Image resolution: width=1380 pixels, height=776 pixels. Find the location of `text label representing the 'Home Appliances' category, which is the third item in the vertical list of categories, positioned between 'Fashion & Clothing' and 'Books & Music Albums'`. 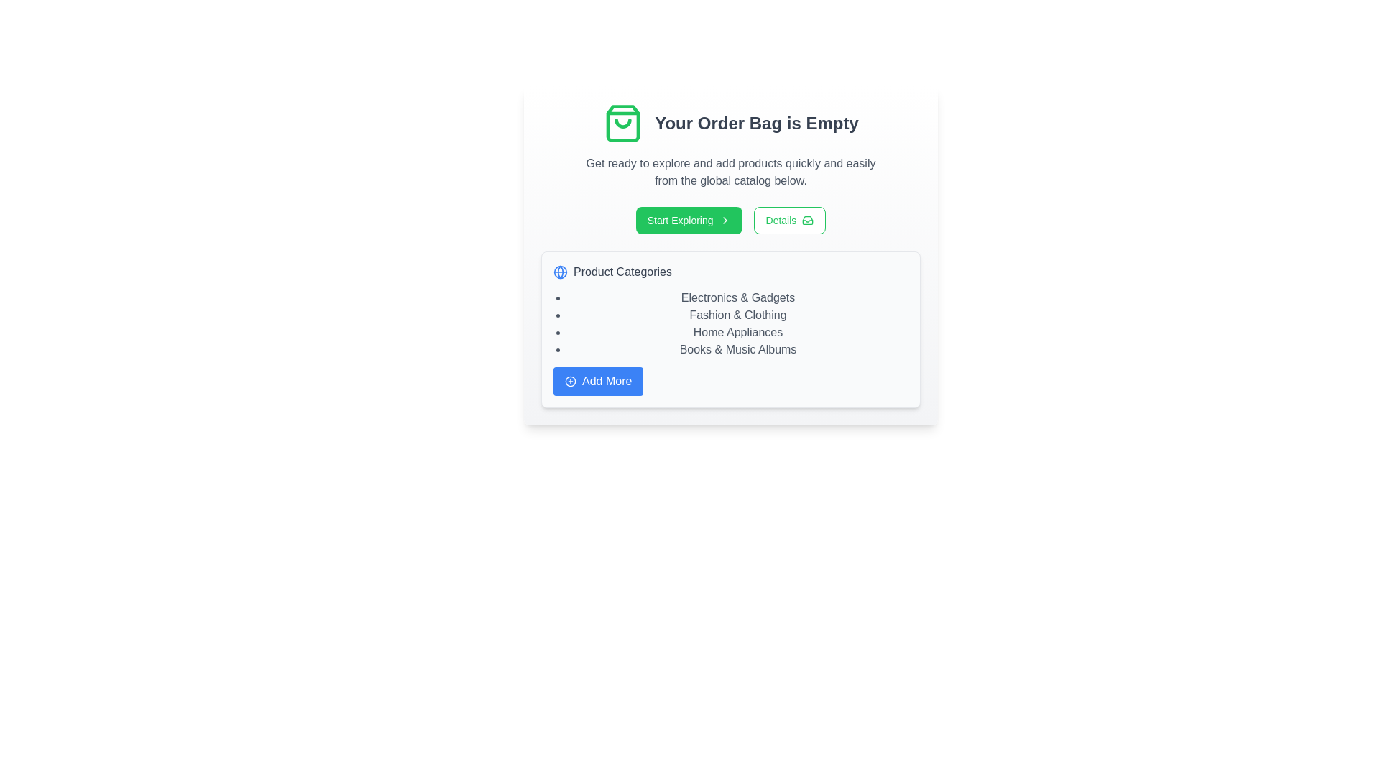

text label representing the 'Home Appliances' category, which is the third item in the vertical list of categories, positioned between 'Fashion & Clothing' and 'Books & Music Albums' is located at coordinates (738, 332).